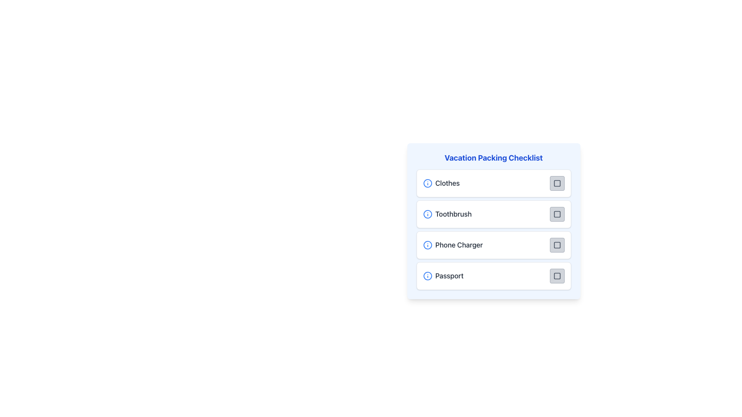  What do you see at coordinates (459, 245) in the screenshot?
I see `the 'Phone Charger' text label, which is styled in bold, large font and underlined, located in the checklist under 'Vacation Packing Checklist.'` at bounding box center [459, 245].